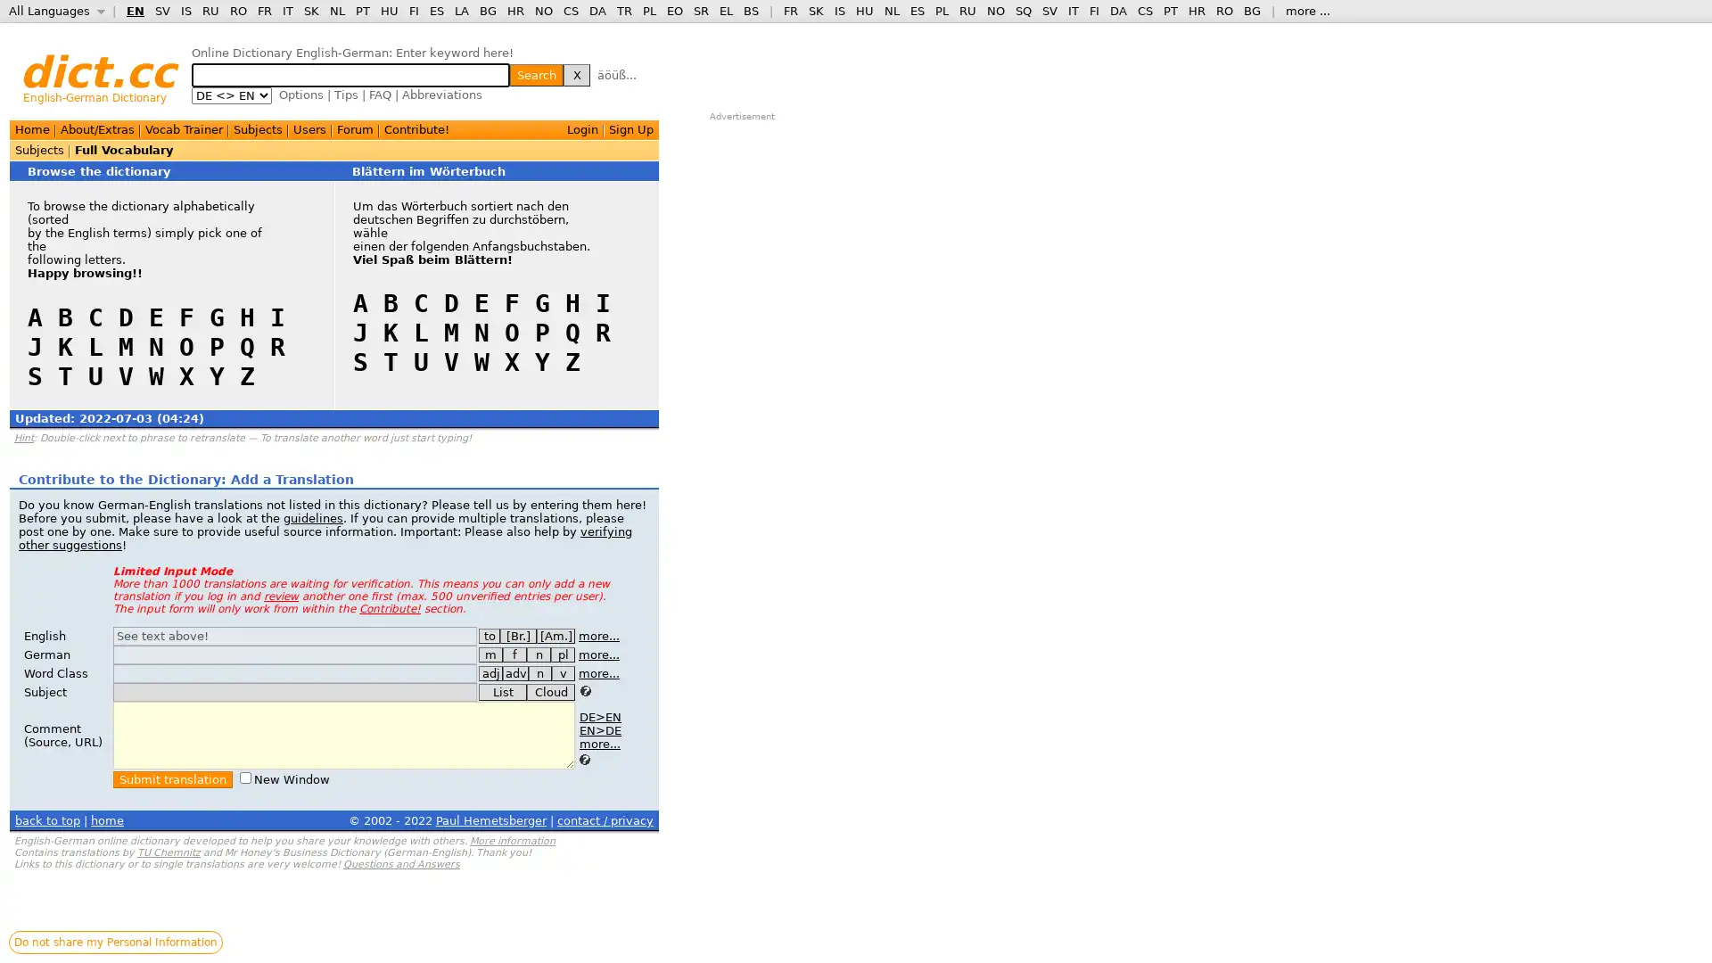  I want to click on n, so click(539, 673).